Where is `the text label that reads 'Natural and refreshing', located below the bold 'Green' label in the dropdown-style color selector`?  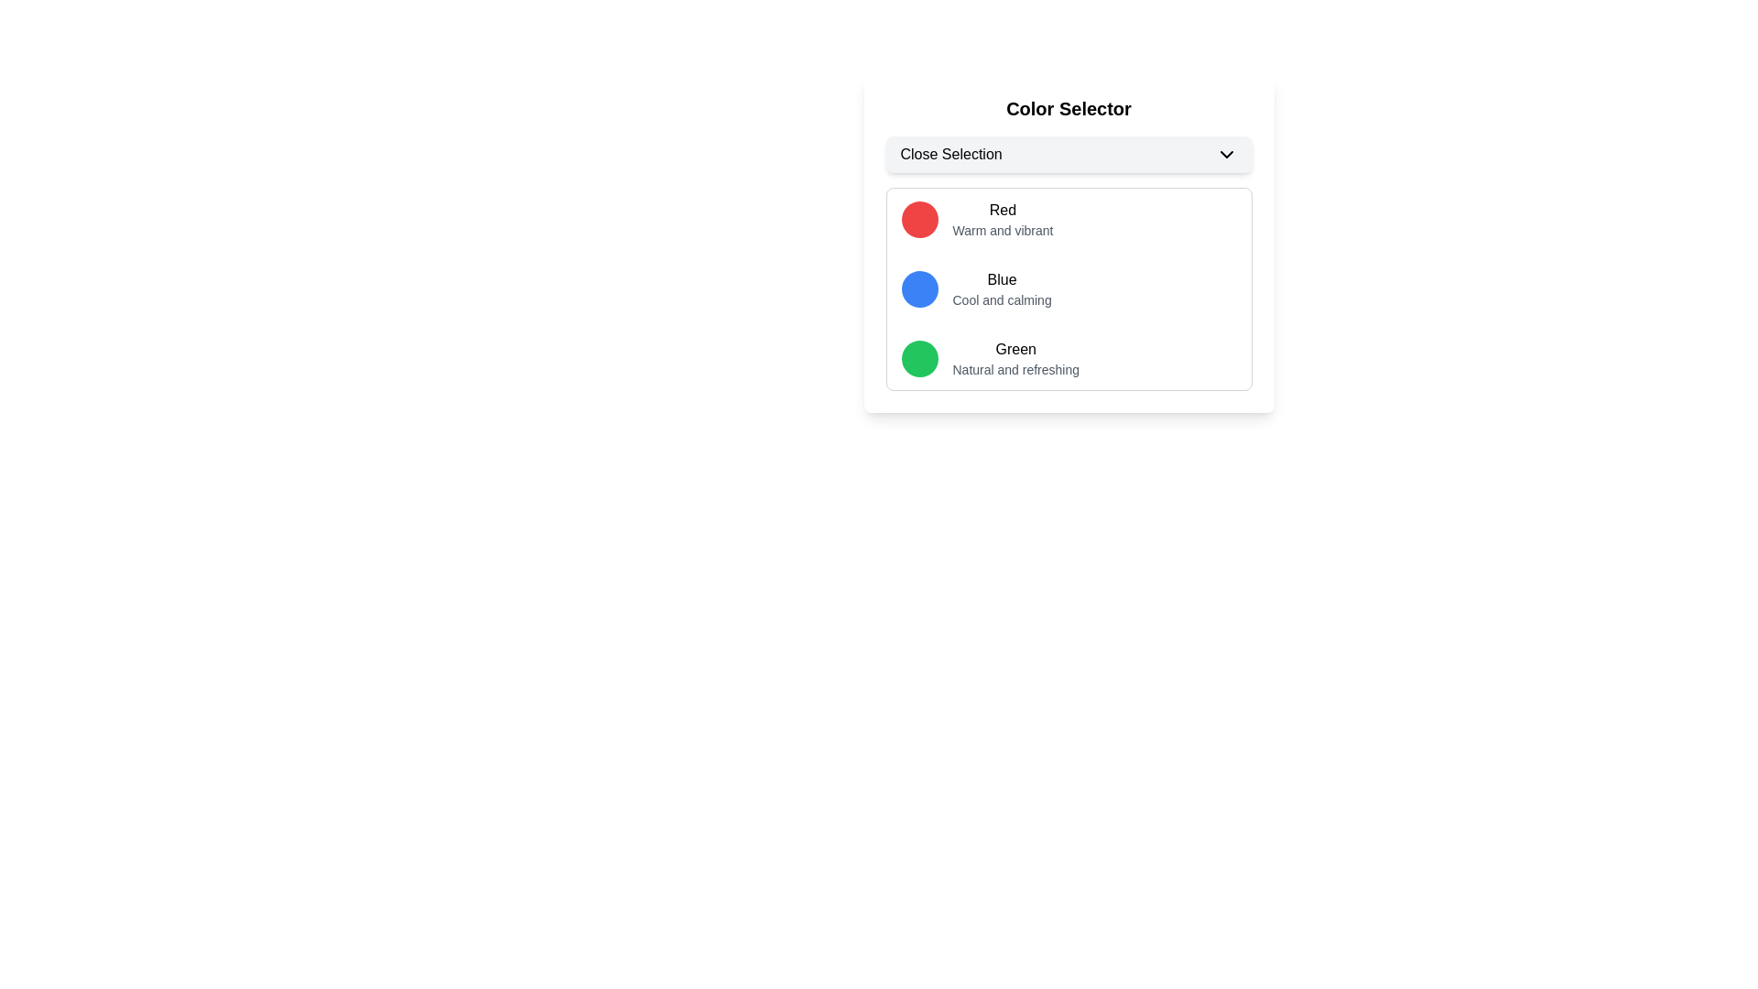
the text label that reads 'Natural and refreshing', located below the bold 'Green' label in the dropdown-style color selector is located at coordinates (1015, 370).